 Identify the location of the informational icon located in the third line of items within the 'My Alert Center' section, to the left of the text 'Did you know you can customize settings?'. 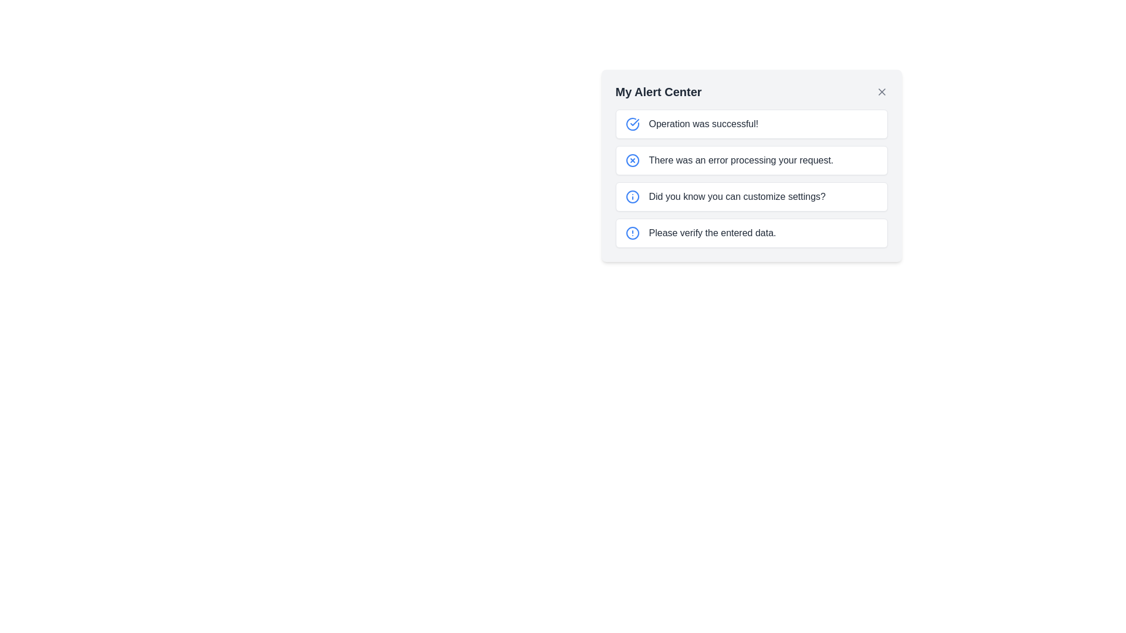
(632, 196).